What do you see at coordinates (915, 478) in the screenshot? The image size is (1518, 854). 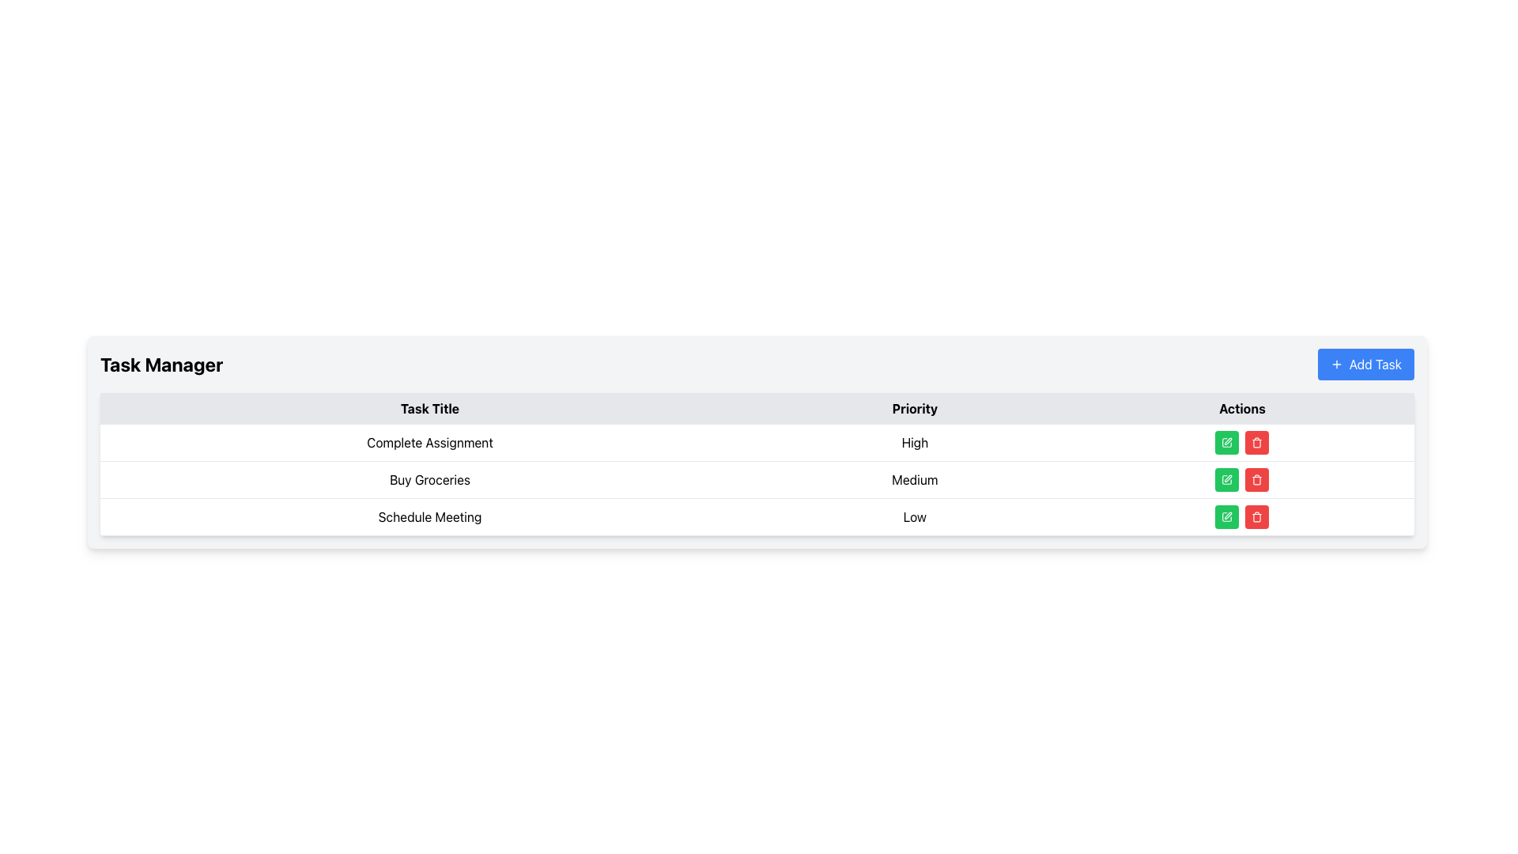 I see `the text label displaying 'Medium' in the Priority column of the task management table for the 'Buy Groceries' task, located in the second row` at bounding box center [915, 478].